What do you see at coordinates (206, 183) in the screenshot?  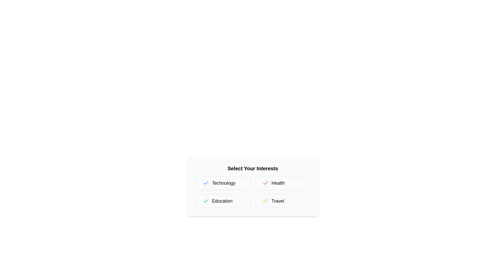 I see `the checkbox for 'Technology' to select or deselect it` at bounding box center [206, 183].